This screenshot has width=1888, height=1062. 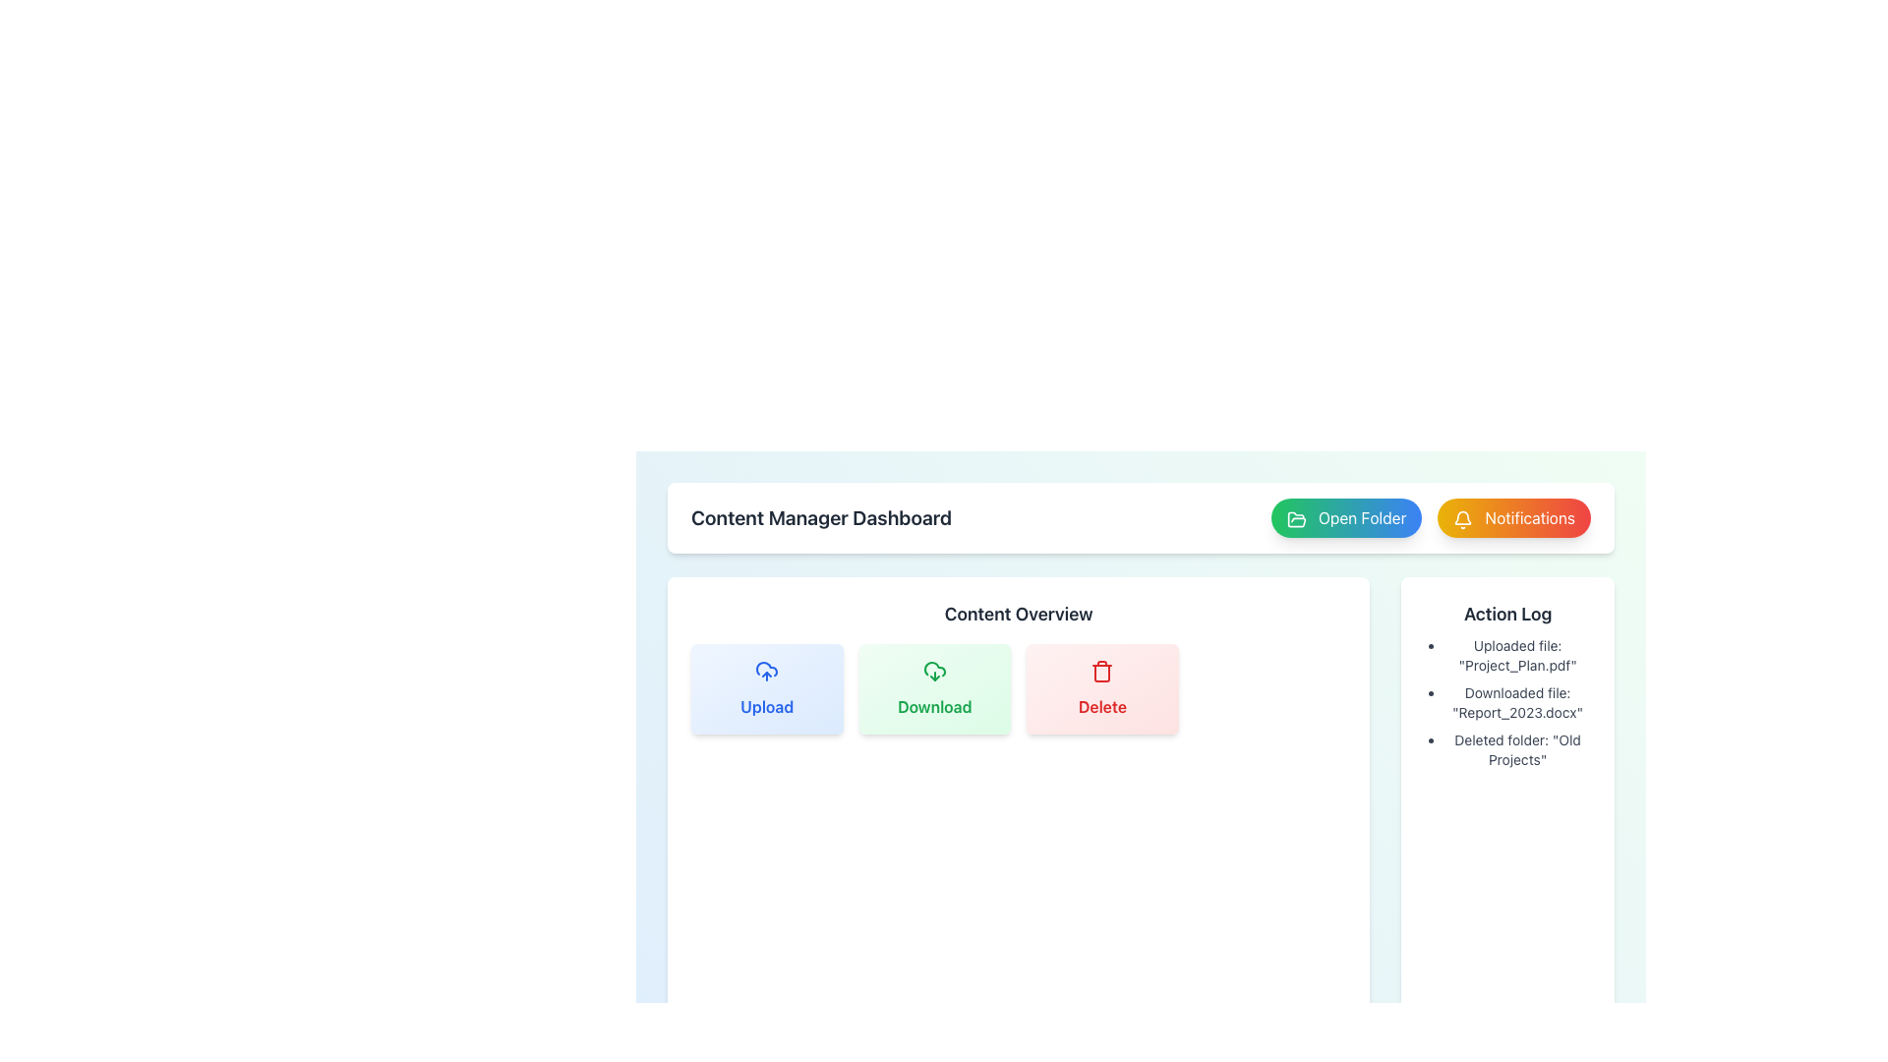 I want to click on the folder icon with a minimalistic outline style and a green background, which is the leftmost component of the 'Open Folder' button, so click(x=1296, y=518).